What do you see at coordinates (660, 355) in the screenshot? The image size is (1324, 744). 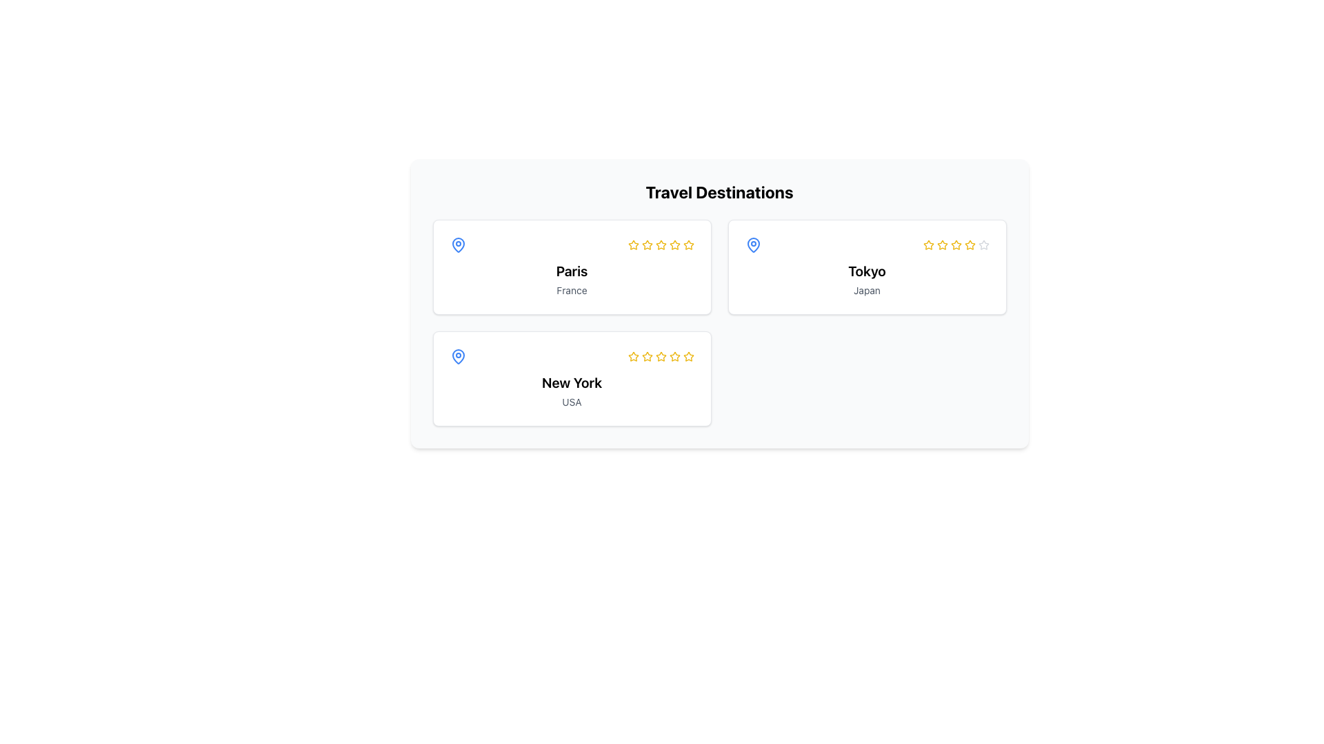 I see `the third star icon in the rating component located below 'New York' USA` at bounding box center [660, 355].